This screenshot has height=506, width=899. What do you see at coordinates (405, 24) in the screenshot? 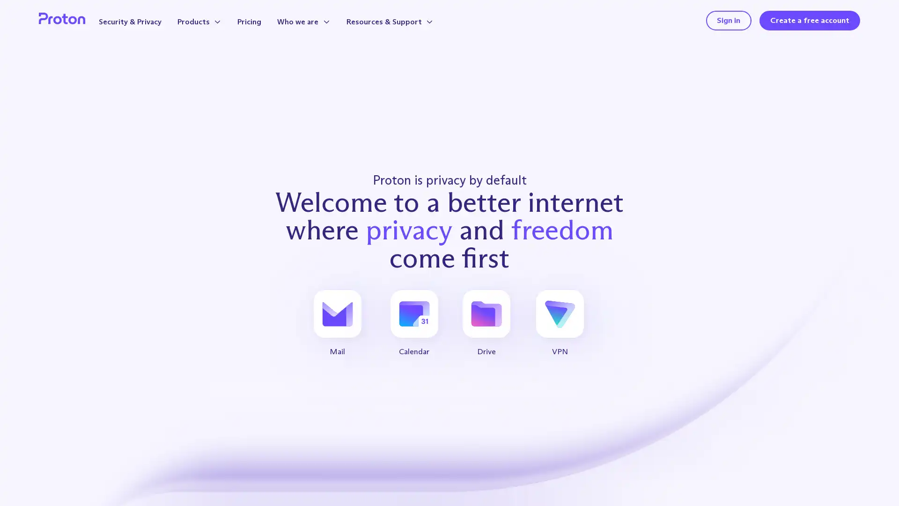
I see `Resources & Support` at bounding box center [405, 24].